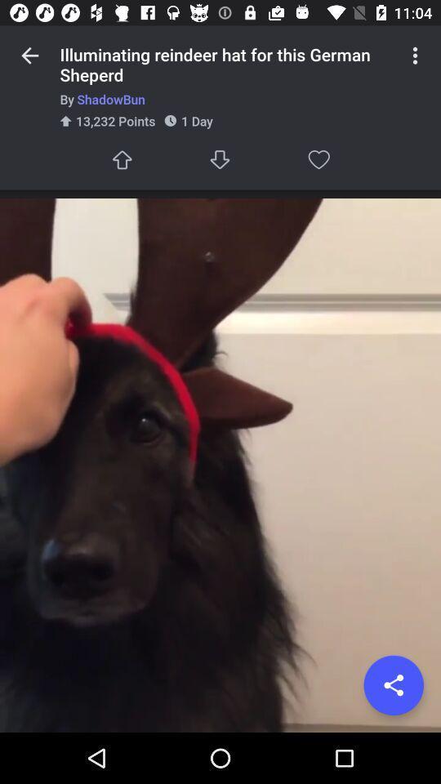 Image resolution: width=441 pixels, height=784 pixels. I want to click on icon above by shadowbun item, so click(415, 56).